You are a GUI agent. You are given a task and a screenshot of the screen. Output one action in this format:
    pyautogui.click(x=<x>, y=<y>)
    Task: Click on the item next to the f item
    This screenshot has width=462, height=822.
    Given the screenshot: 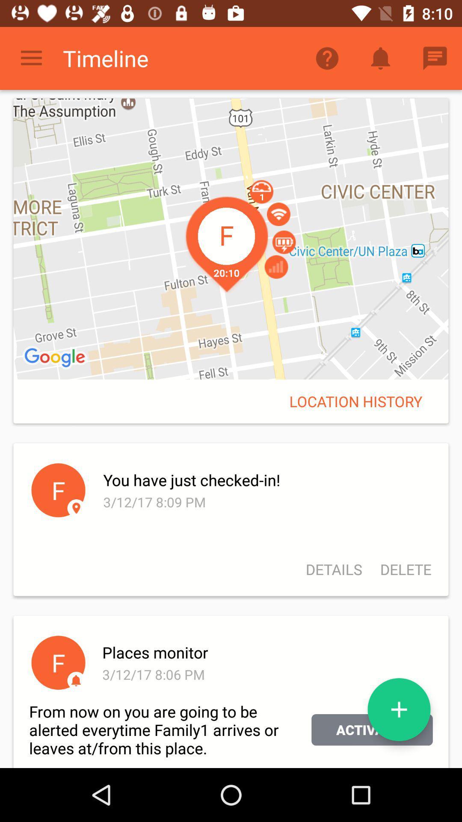 What is the action you would take?
    pyautogui.click(x=267, y=480)
    